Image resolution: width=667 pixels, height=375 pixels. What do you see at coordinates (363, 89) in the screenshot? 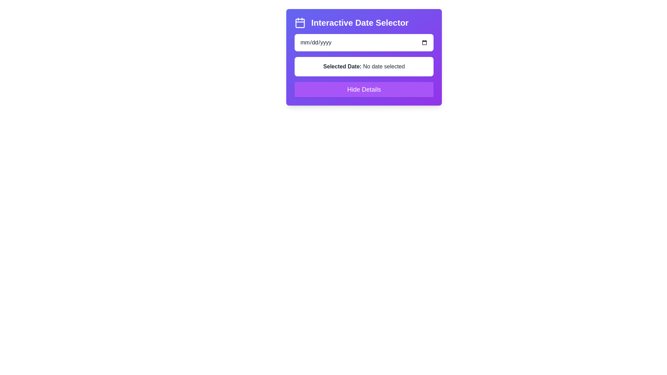
I see `the rectangular button with a purple background and white text saying 'Hide Details'` at bounding box center [363, 89].